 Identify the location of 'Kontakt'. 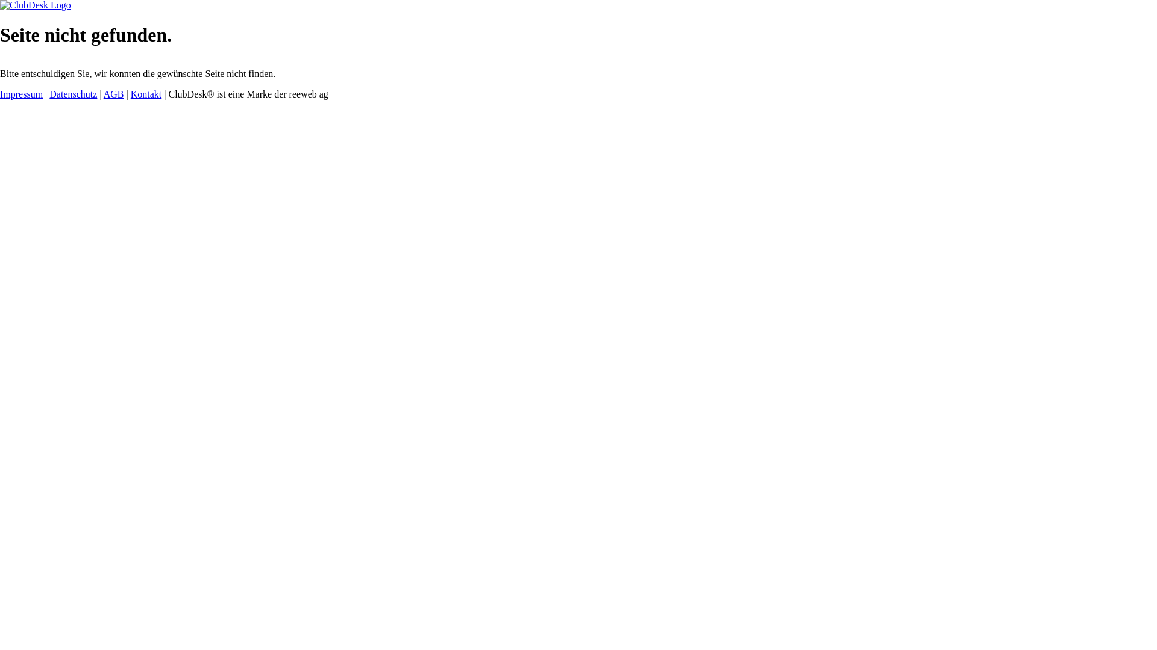
(146, 93).